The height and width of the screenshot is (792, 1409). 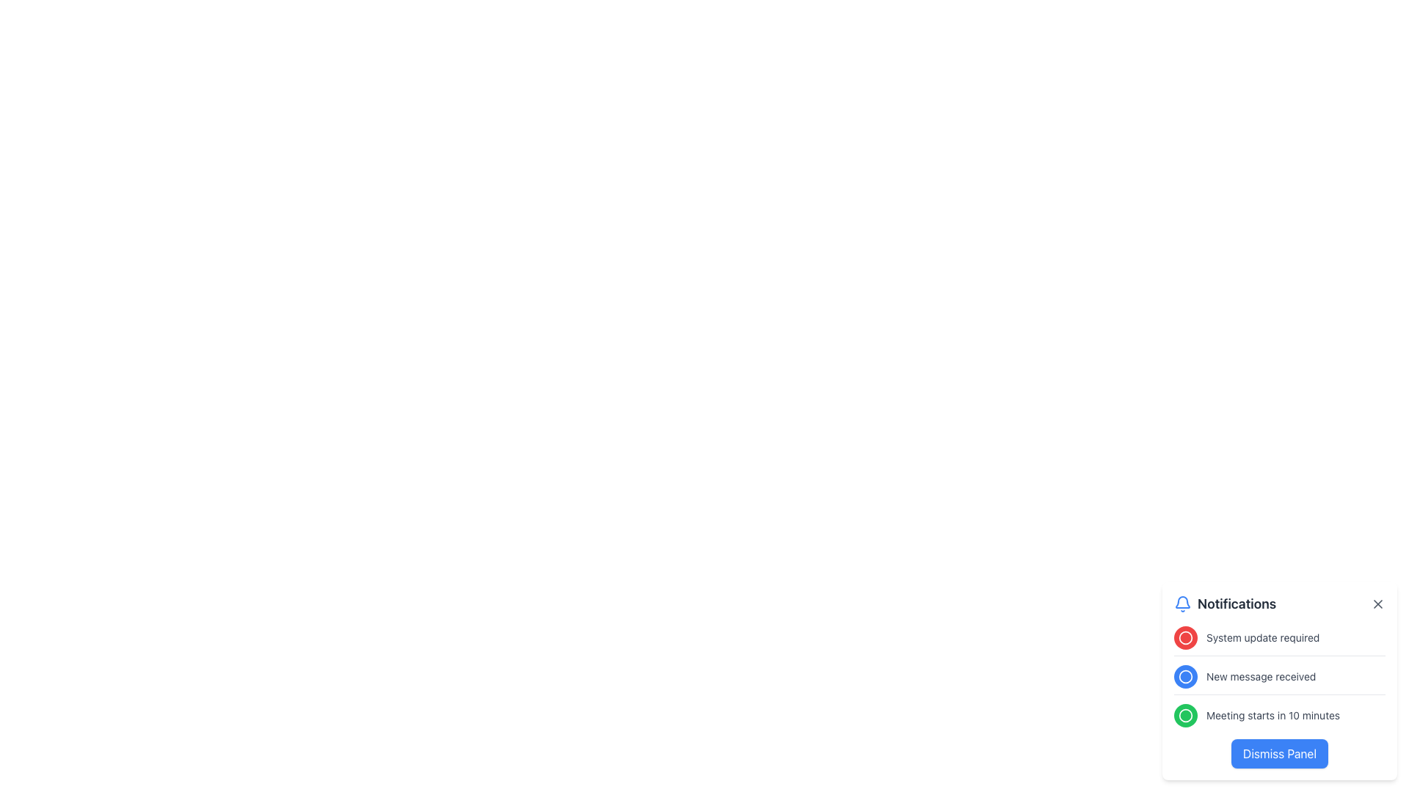 I want to click on the circular graphic element with a white border located in the notification panel next to the 'New message received' notification, so click(x=1186, y=676).